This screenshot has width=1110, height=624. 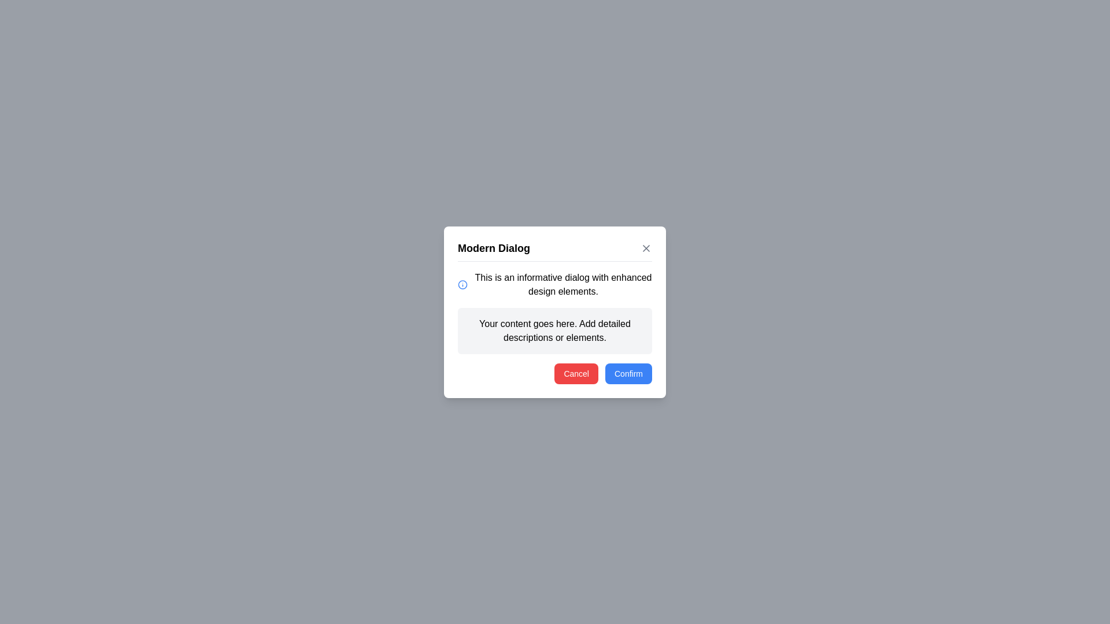 What do you see at coordinates (628, 373) in the screenshot?
I see `the confirmation button located at the bottom-right corner of the dialog box` at bounding box center [628, 373].